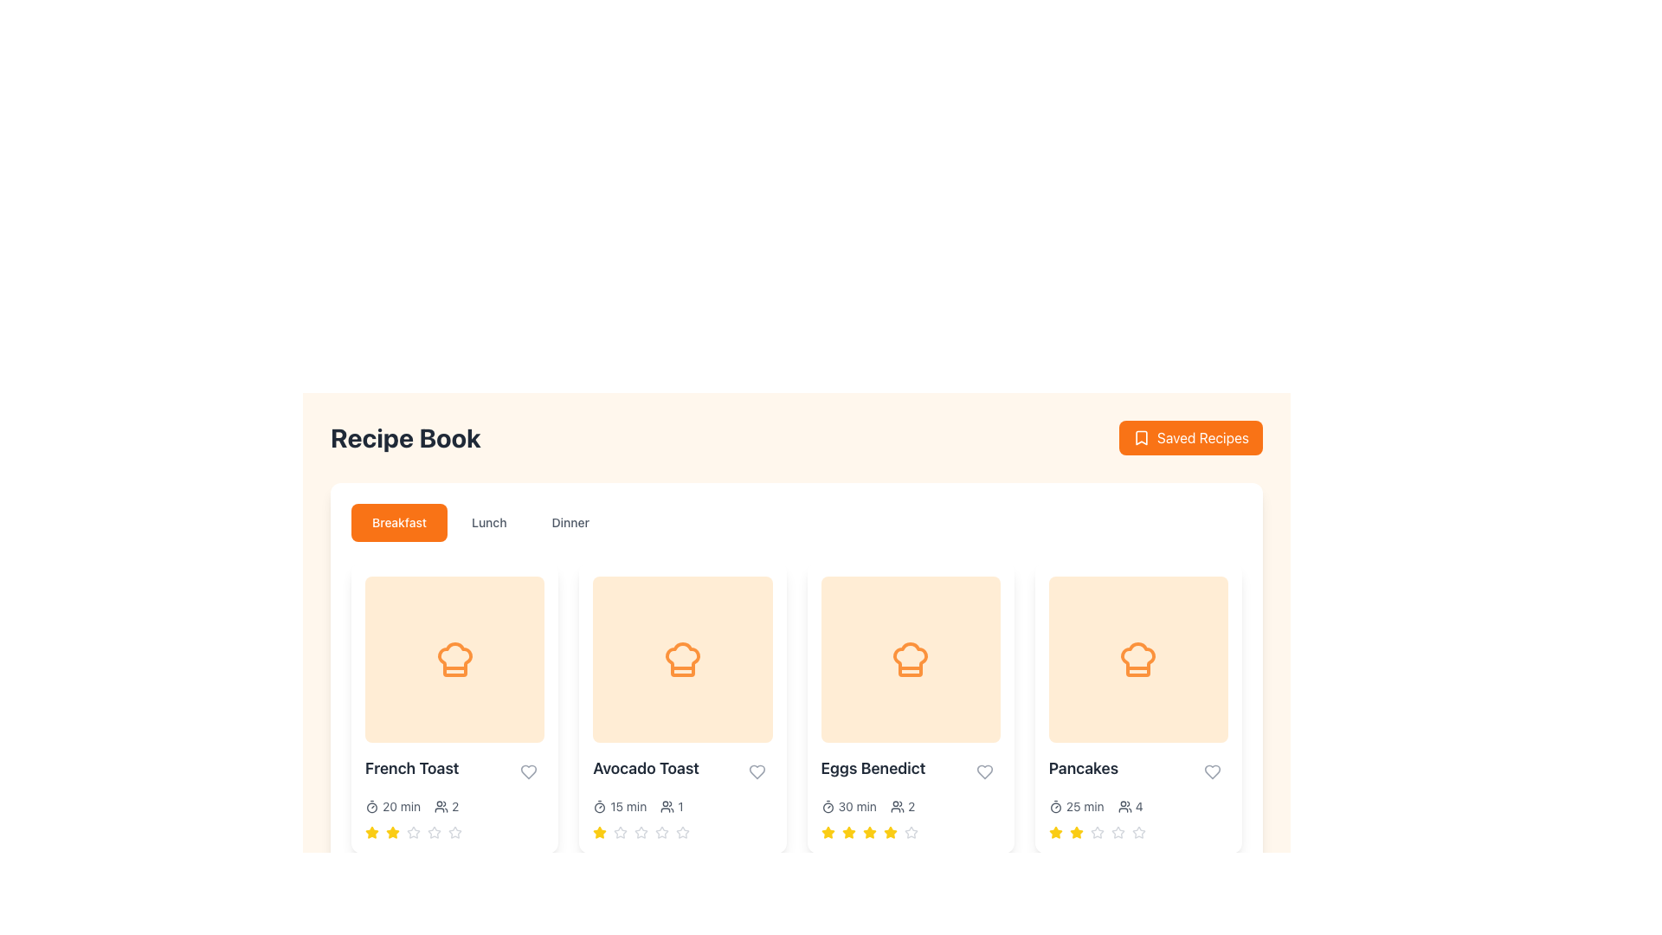 This screenshot has width=1662, height=935. I want to click on the text element displaying the preparation time for the 'Avocado Toast' dish, located in the 'Breakfast' section of the 'Recipe Book' page, below the image and title of the card, so click(620, 807).